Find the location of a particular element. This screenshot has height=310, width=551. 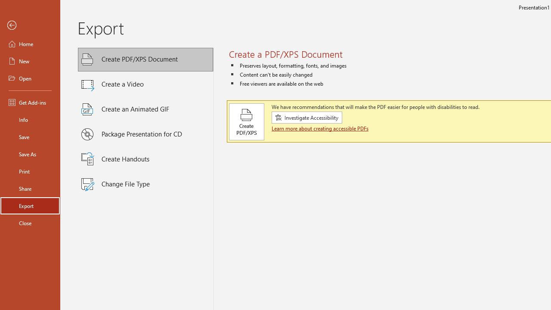

'Print' is located at coordinates (30, 171).